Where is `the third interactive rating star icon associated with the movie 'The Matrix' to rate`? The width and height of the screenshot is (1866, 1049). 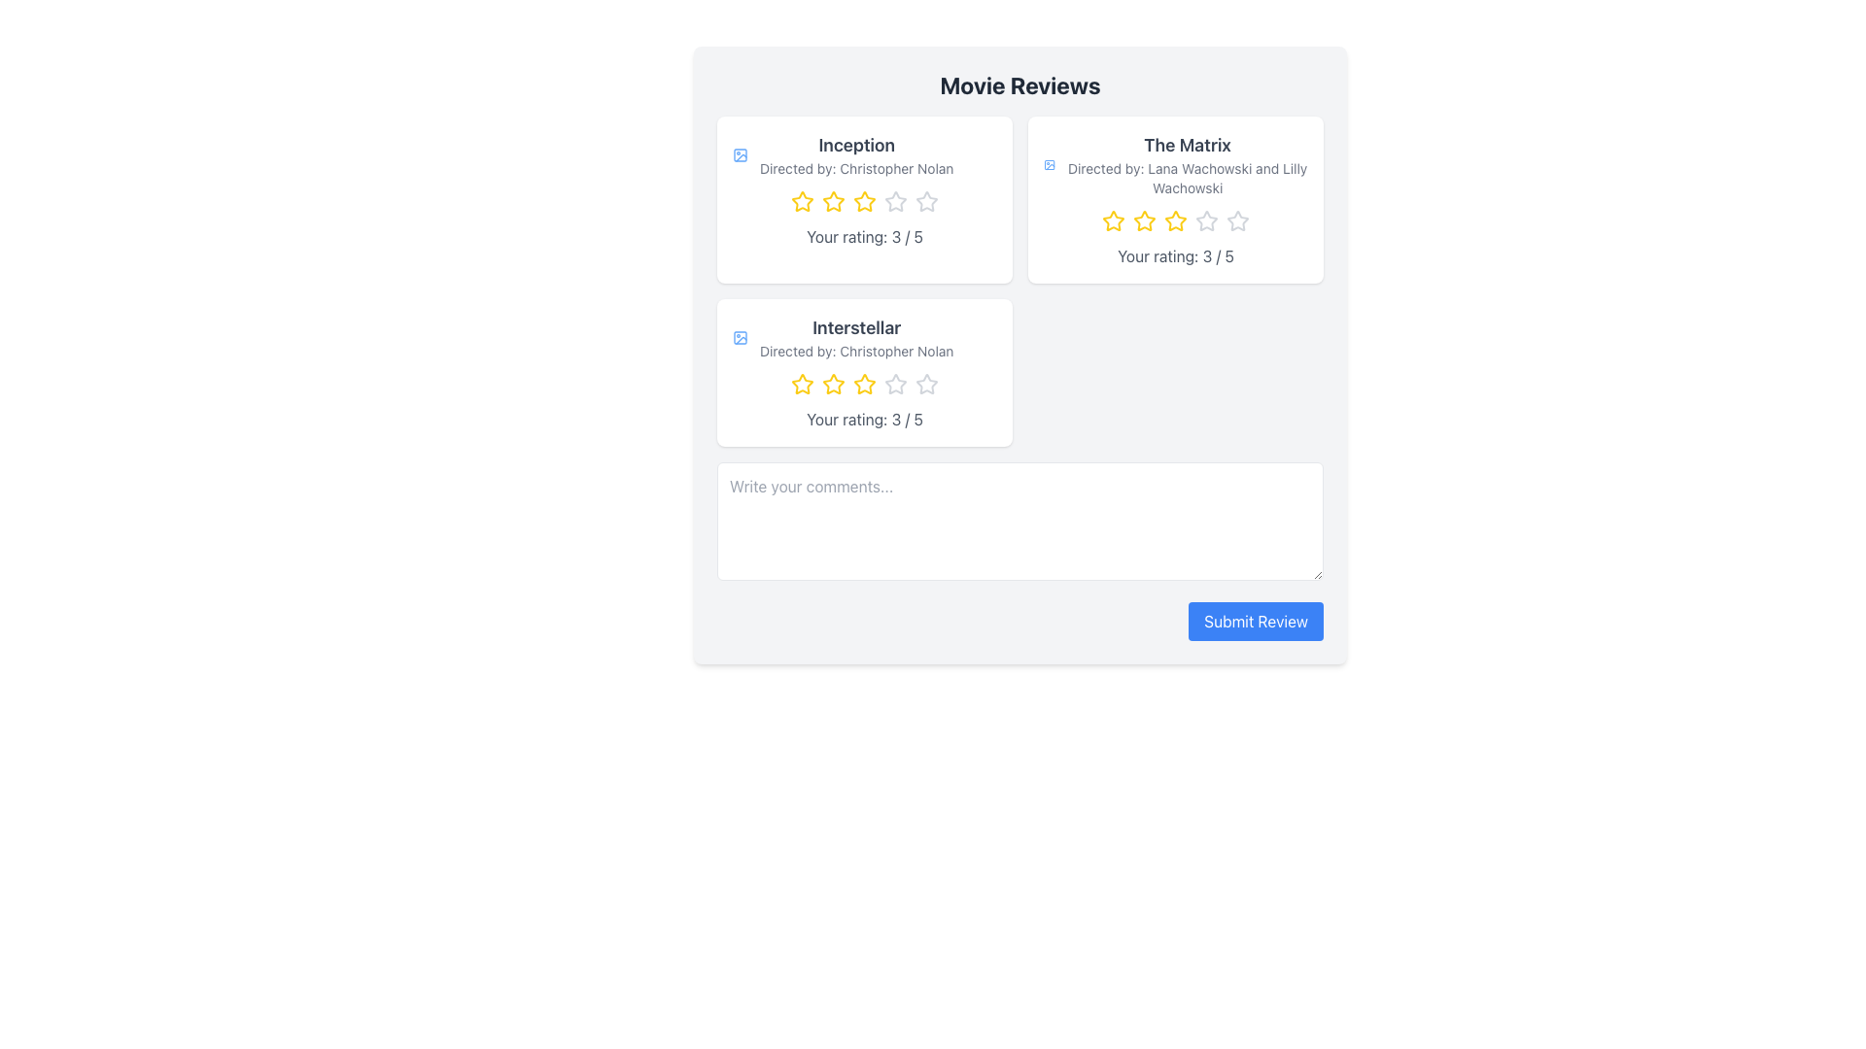
the third interactive rating star icon associated with the movie 'The Matrix' to rate is located at coordinates (1174, 220).